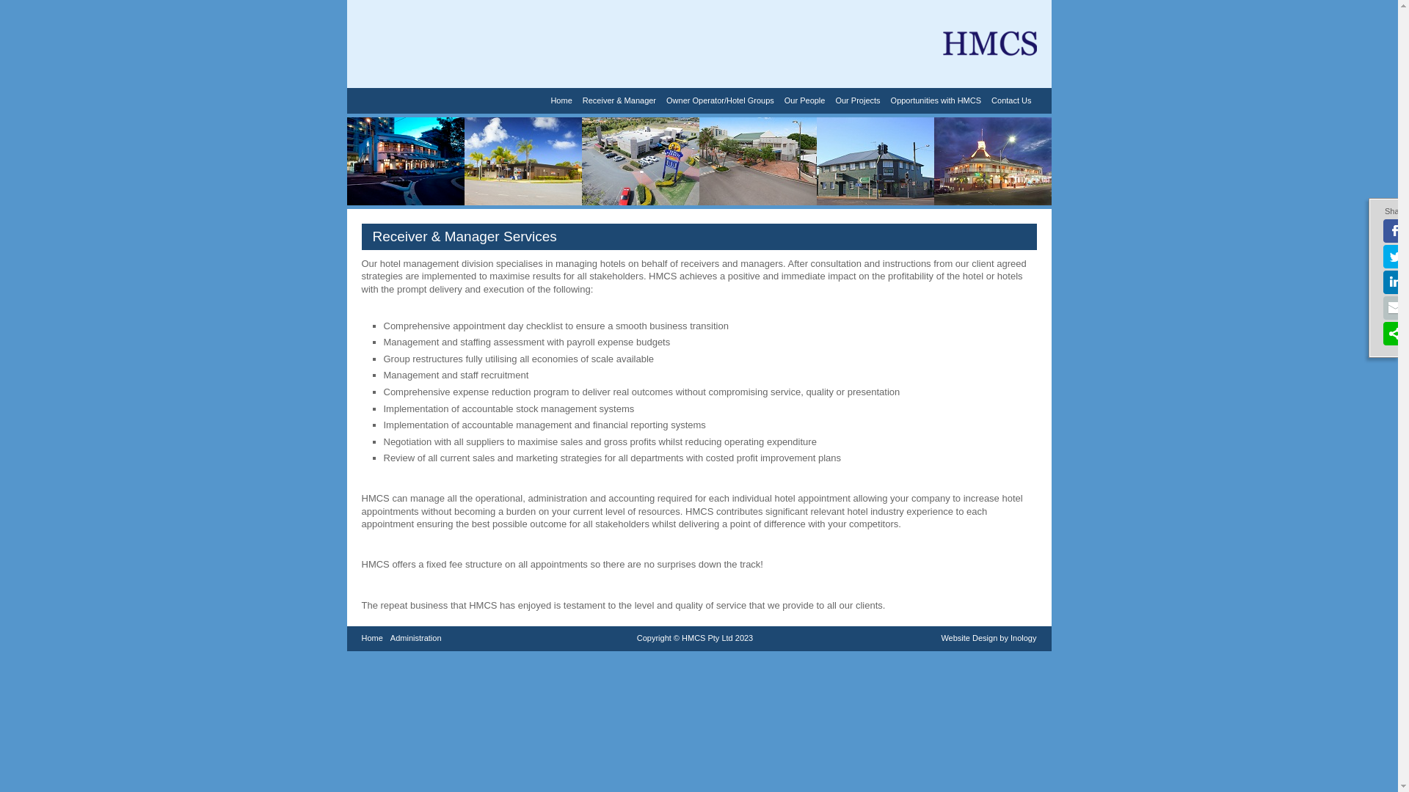  Describe the element at coordinates (857, 100) in the screenshot. I see `'Our Projects'` at that location.